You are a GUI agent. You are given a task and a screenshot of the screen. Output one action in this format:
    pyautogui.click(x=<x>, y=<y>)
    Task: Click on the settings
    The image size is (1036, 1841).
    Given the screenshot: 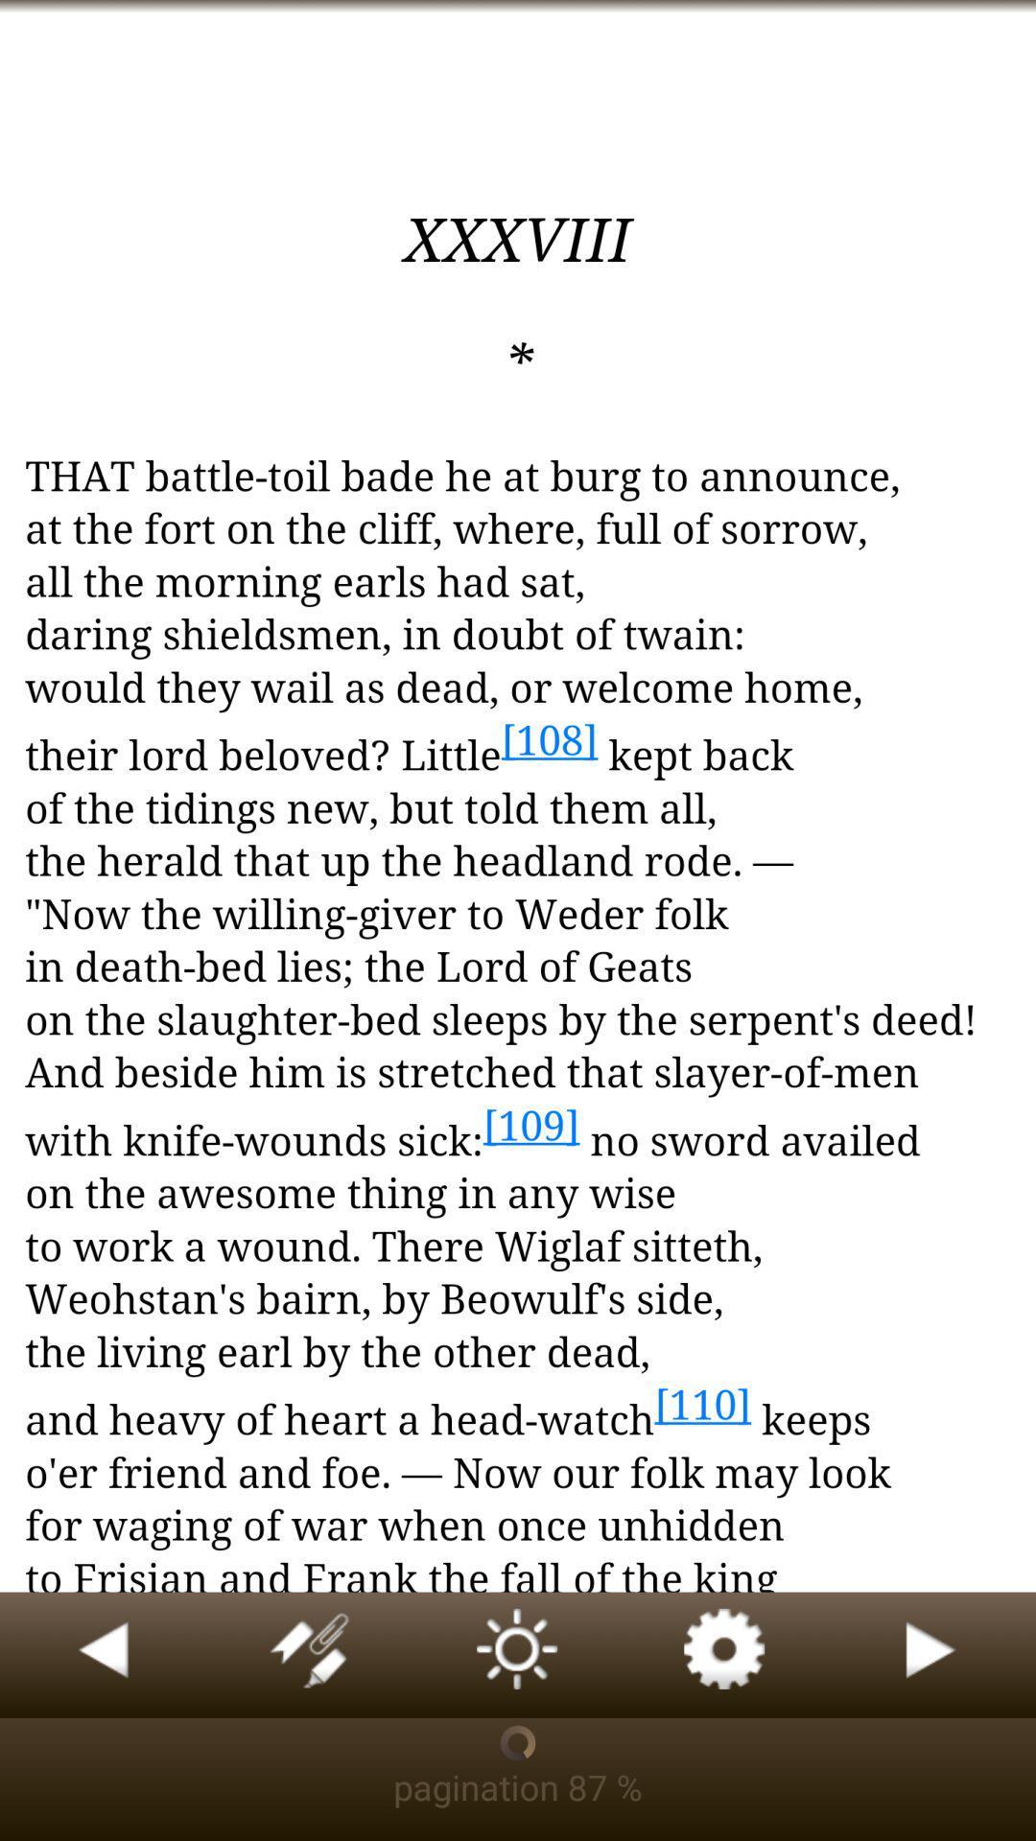 What is the action you would take?
    pyautogui.click(x=725, y=1654)
    